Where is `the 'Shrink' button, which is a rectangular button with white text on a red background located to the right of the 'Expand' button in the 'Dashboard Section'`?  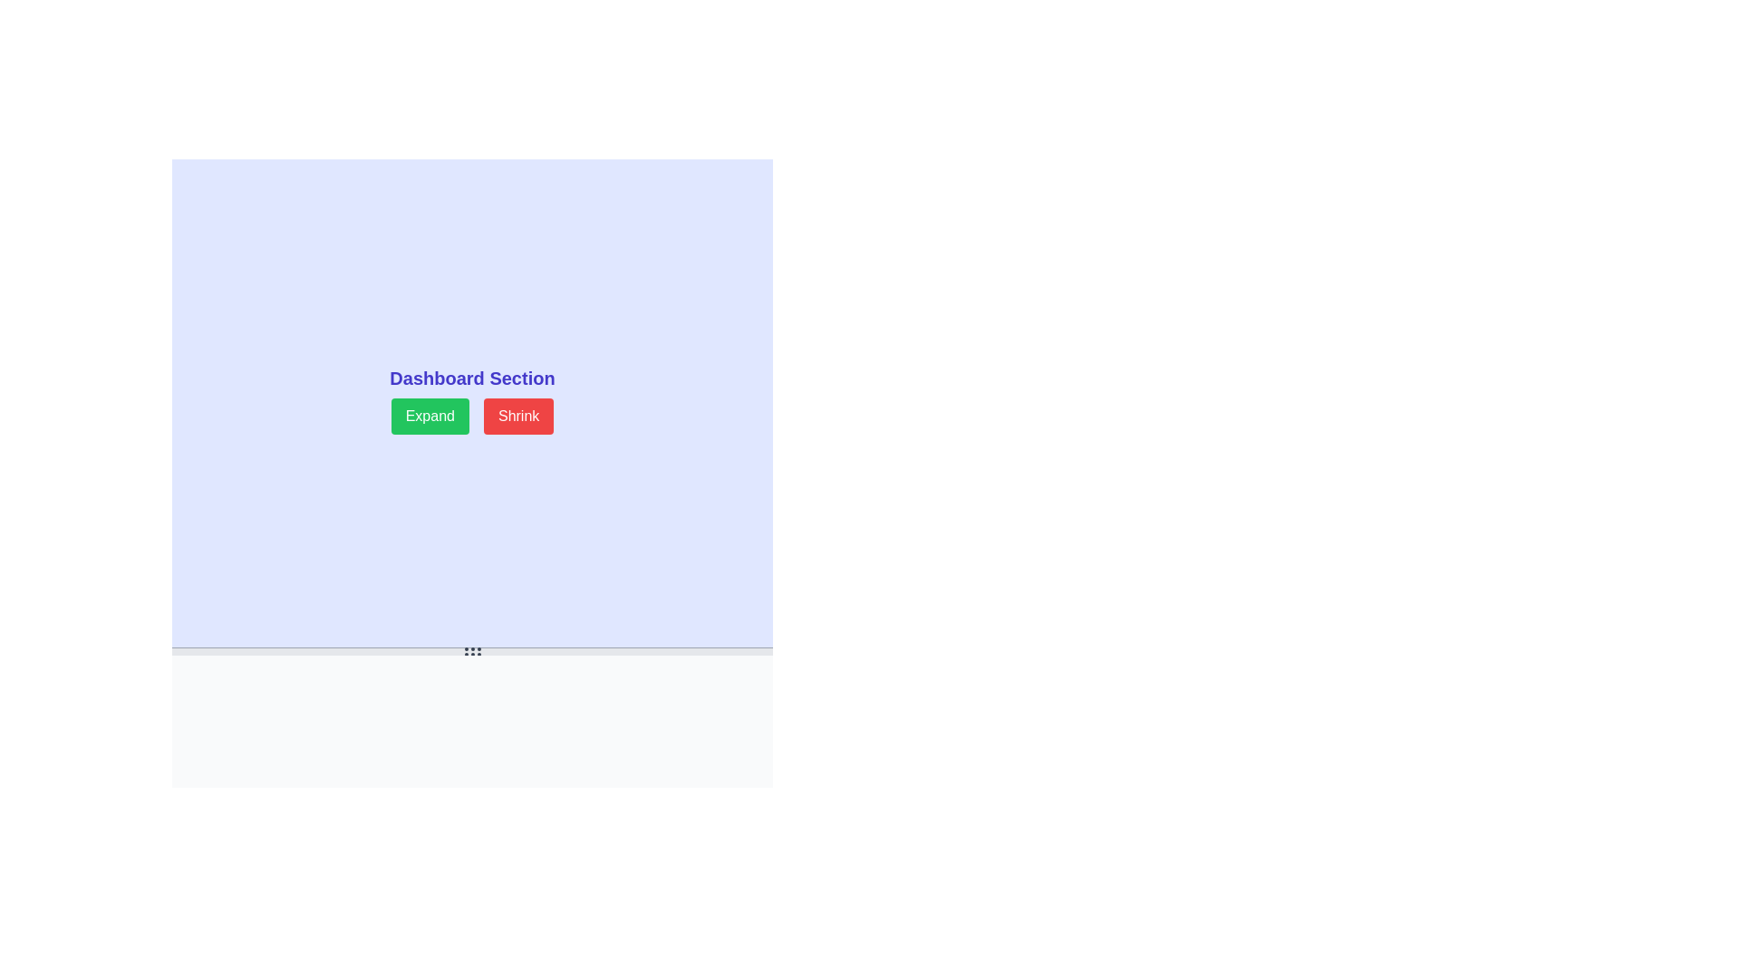 the 'Shrink' button, which is a rectangular button with white text on a red background located to the right of the 'Expand' button in the 'Dashboard Section' is located at coordinates (517, 416).